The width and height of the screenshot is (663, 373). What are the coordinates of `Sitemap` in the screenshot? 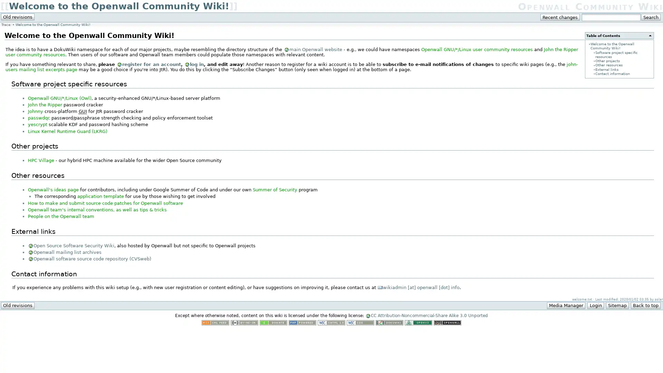 It's located at (617, 305).